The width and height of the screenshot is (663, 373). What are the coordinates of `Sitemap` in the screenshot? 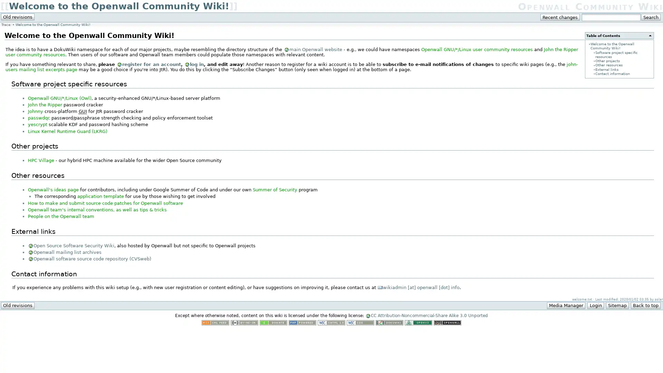 It's located at (617, 305).